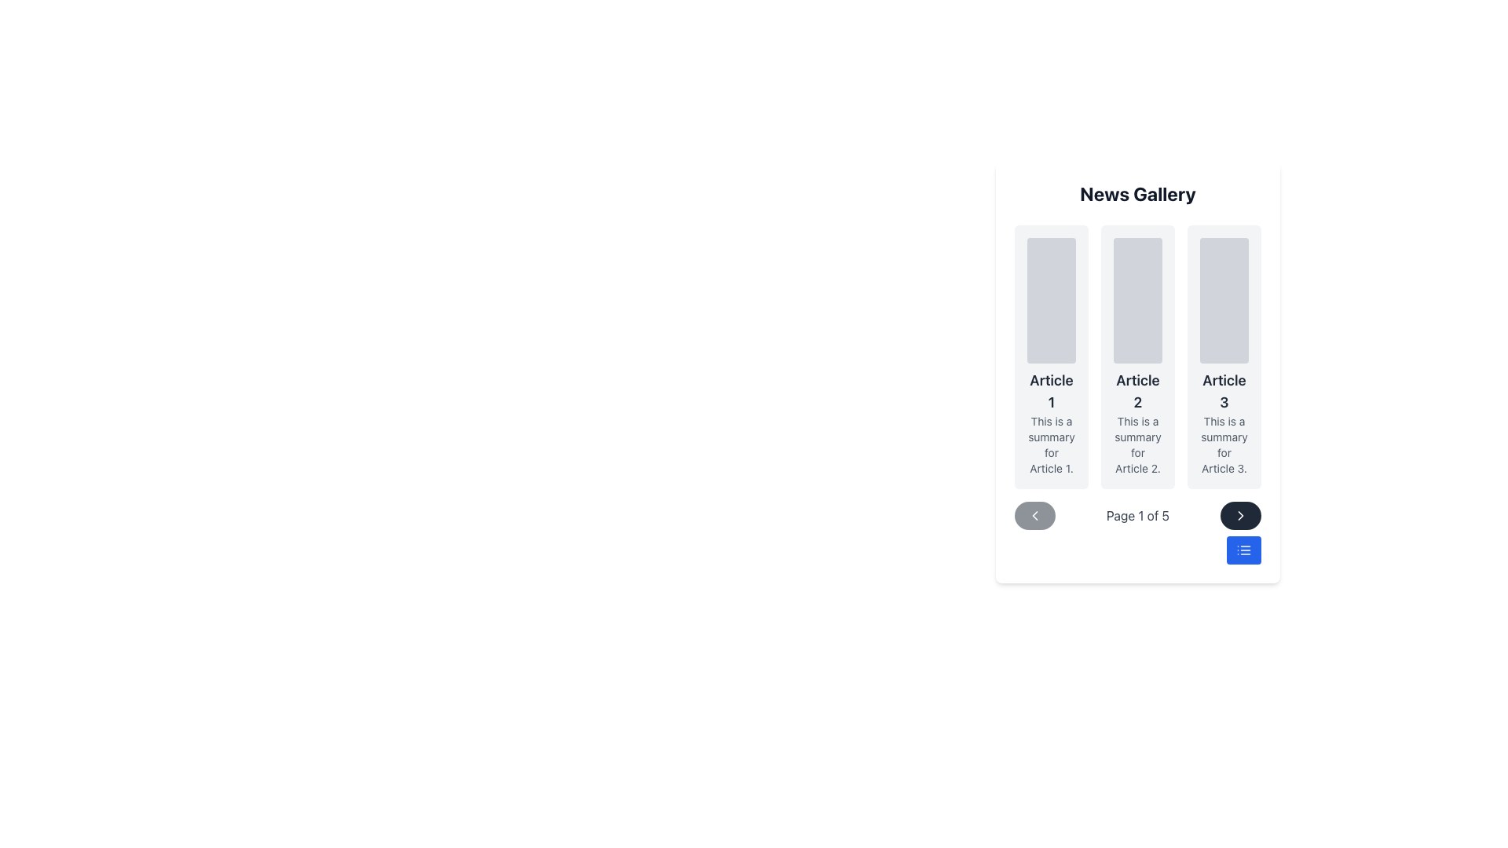  What do you see at coordinates (1243, 550) in the screenshot?
I see `the compact list icon within the blue button located at the lower right corner of the interface` at bounding box center [1243, 550].